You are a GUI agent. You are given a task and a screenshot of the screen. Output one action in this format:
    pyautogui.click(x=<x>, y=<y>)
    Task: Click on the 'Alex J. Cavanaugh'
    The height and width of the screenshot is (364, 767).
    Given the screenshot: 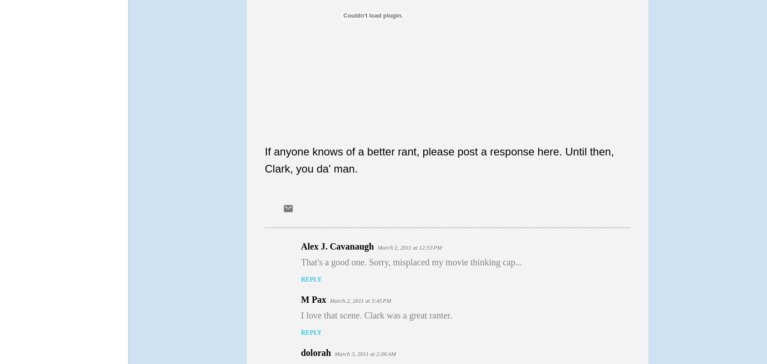 What is the action you would take?
    pyautogui.click(x=337, y=245)
    